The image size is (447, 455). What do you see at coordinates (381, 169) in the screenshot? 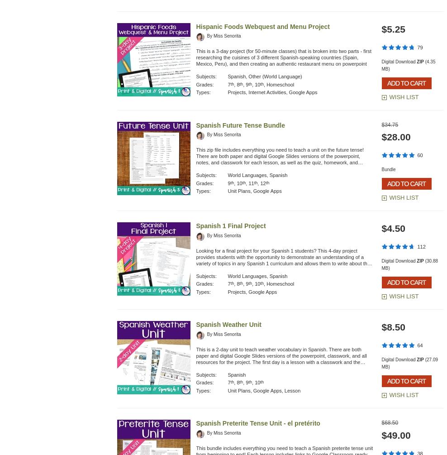
I see `'Bundle'` at bounding box center [381, 169].